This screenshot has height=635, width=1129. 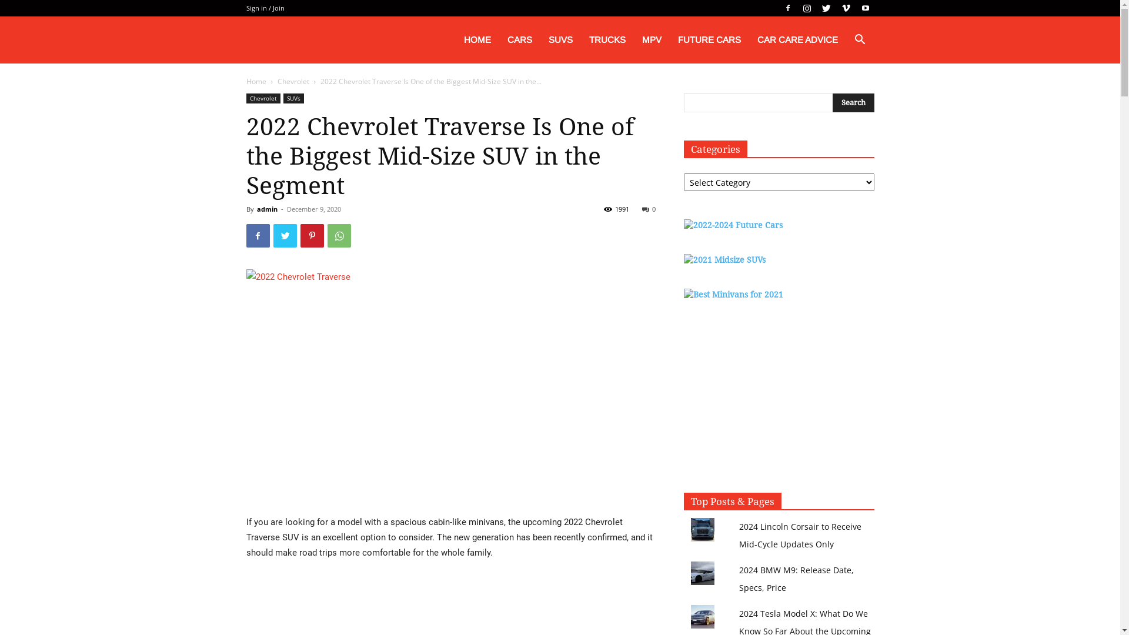 What do you see at coordinates (846, 8) in the screenshot?
I see `'Vimeo'` at bounding box center [846, 8].